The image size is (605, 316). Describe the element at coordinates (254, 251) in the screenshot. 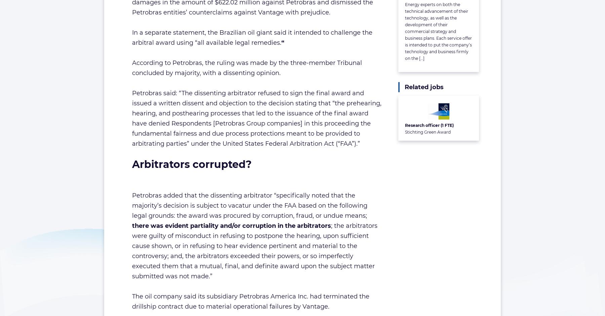

I see `'; the arbitrators were guilty of misconduct in refusing to postpone the hearing, upon sufficient cause shown, or in refusing to hear evidence pertinent and material to the controversy; and, the arbitrators exceeded their powers, or so imperfectly executed them that a mutual, final, and definite award upon the subject matter submitted was not made.”'` at that location.